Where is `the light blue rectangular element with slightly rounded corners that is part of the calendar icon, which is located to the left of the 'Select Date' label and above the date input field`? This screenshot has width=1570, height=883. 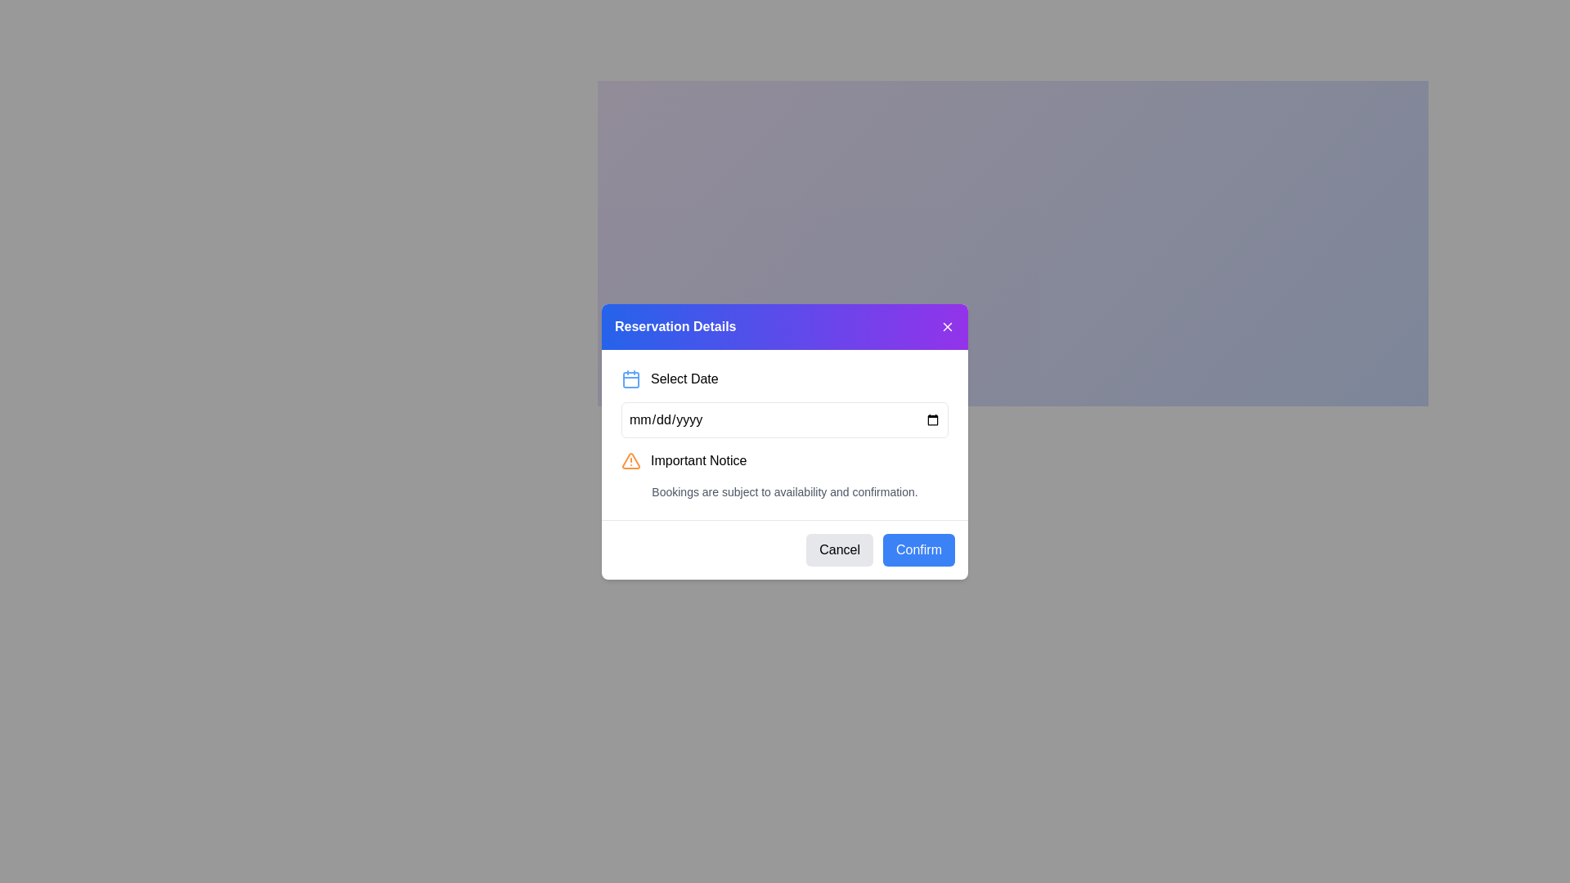
the light blue rectangular element with slightly rounded corners that is part of the calendar icon, which is located to the left of the 'Select Date' label and above the date input field is located at coordinates (630, 379).